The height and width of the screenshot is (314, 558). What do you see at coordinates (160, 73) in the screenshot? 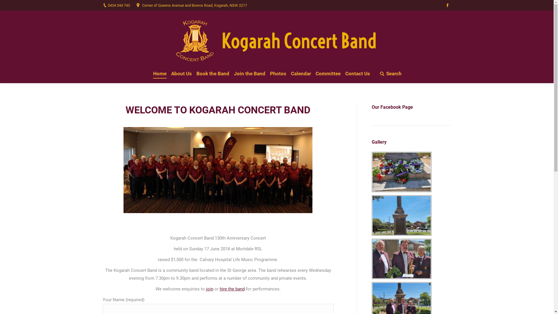
I see `'Home'` at bounding box center [160, 73].